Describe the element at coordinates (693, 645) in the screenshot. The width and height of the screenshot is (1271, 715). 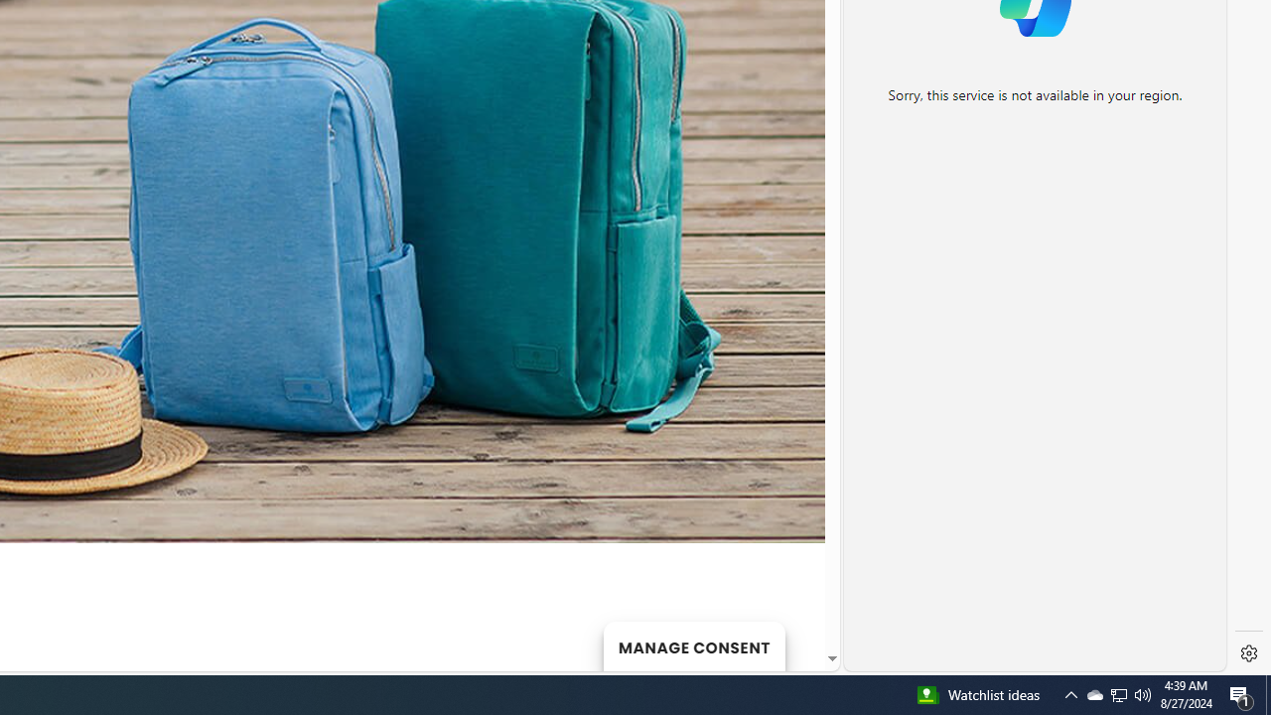
I see `'MANAGE CONSENT'` at that location.